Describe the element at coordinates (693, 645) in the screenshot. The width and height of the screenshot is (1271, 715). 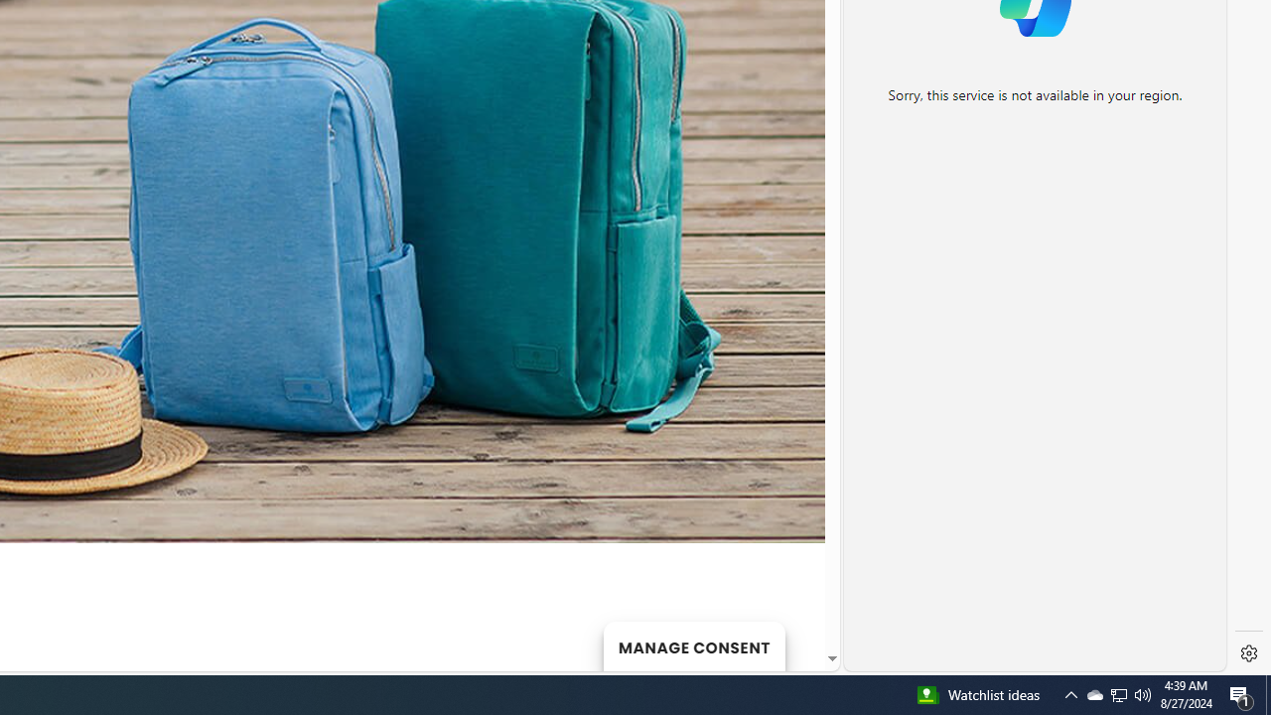
I see `'MANAGE CONSENT'` at that location.